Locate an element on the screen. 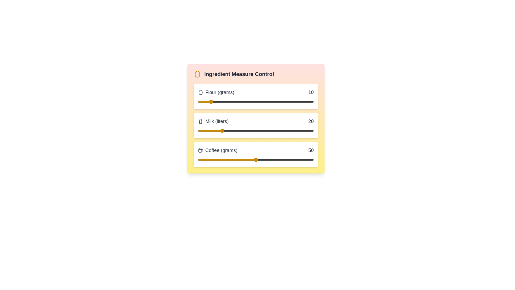 This screenshot has height=290, width=515. ingredient measurement is located at coordinates (235, 102).